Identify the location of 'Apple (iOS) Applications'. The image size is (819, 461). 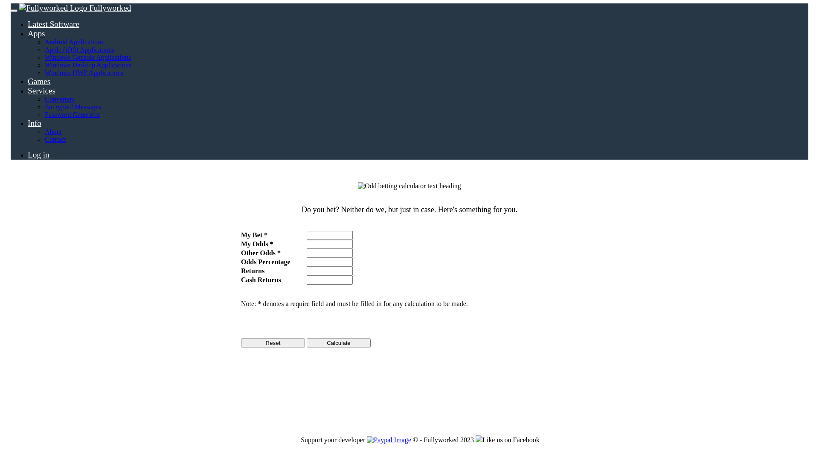
(80, 50).